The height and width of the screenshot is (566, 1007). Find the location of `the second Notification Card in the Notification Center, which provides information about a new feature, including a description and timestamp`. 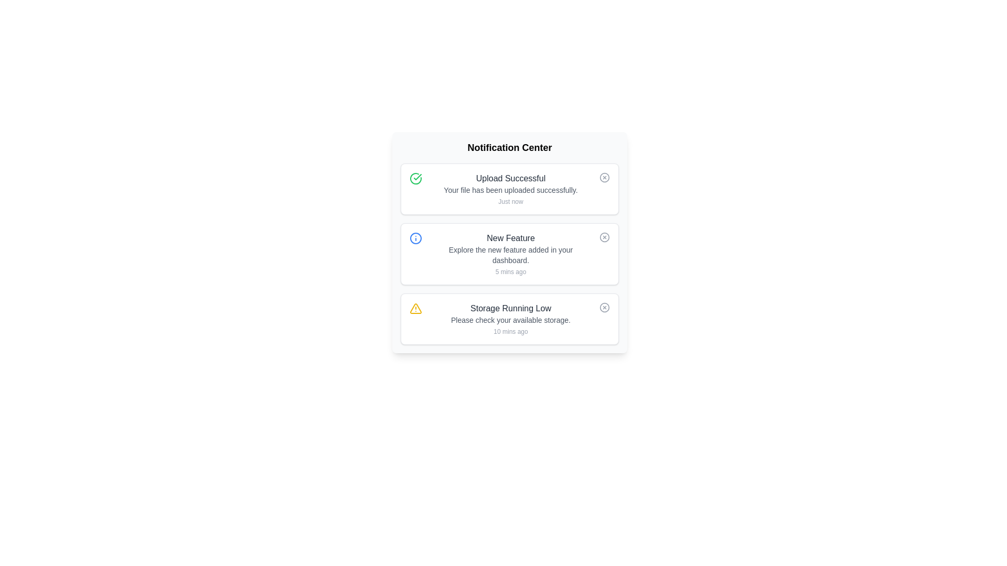

the second Notification Card in the Notification Center, which provides information about a new feature, including a description and timestamp is located at coordinates (509, 254).